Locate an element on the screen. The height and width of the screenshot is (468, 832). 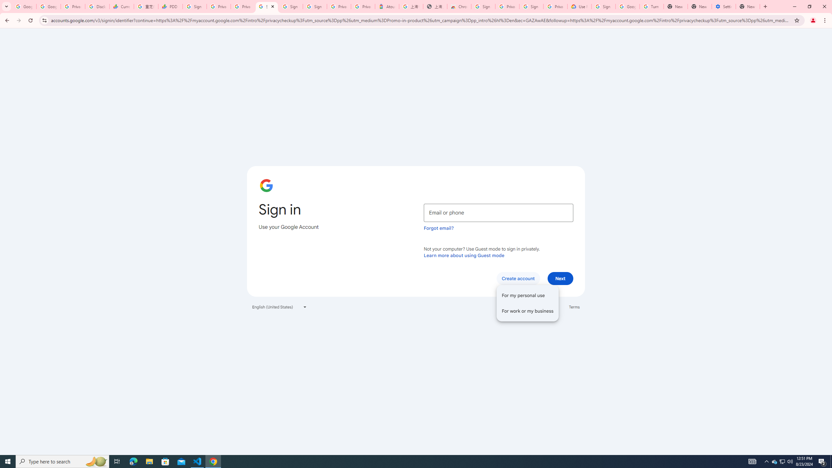
'Next' is located at coordinates (560, 278).